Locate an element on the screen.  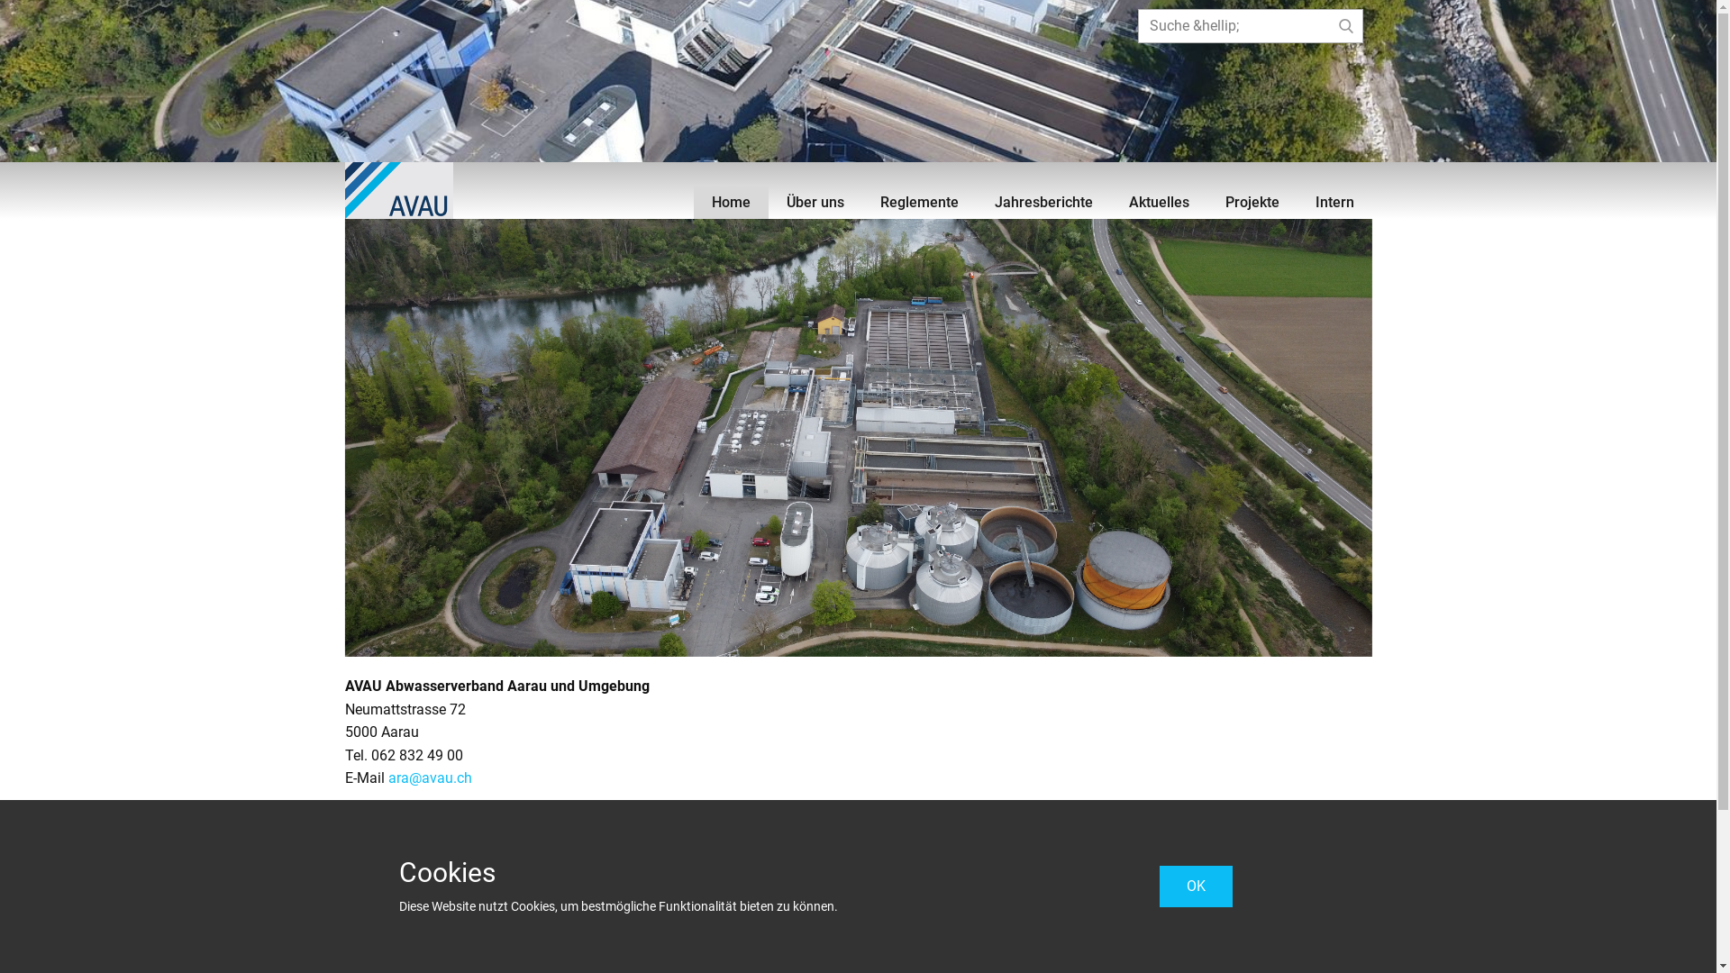
'Projekte' is located at coordinates (1206, 202).